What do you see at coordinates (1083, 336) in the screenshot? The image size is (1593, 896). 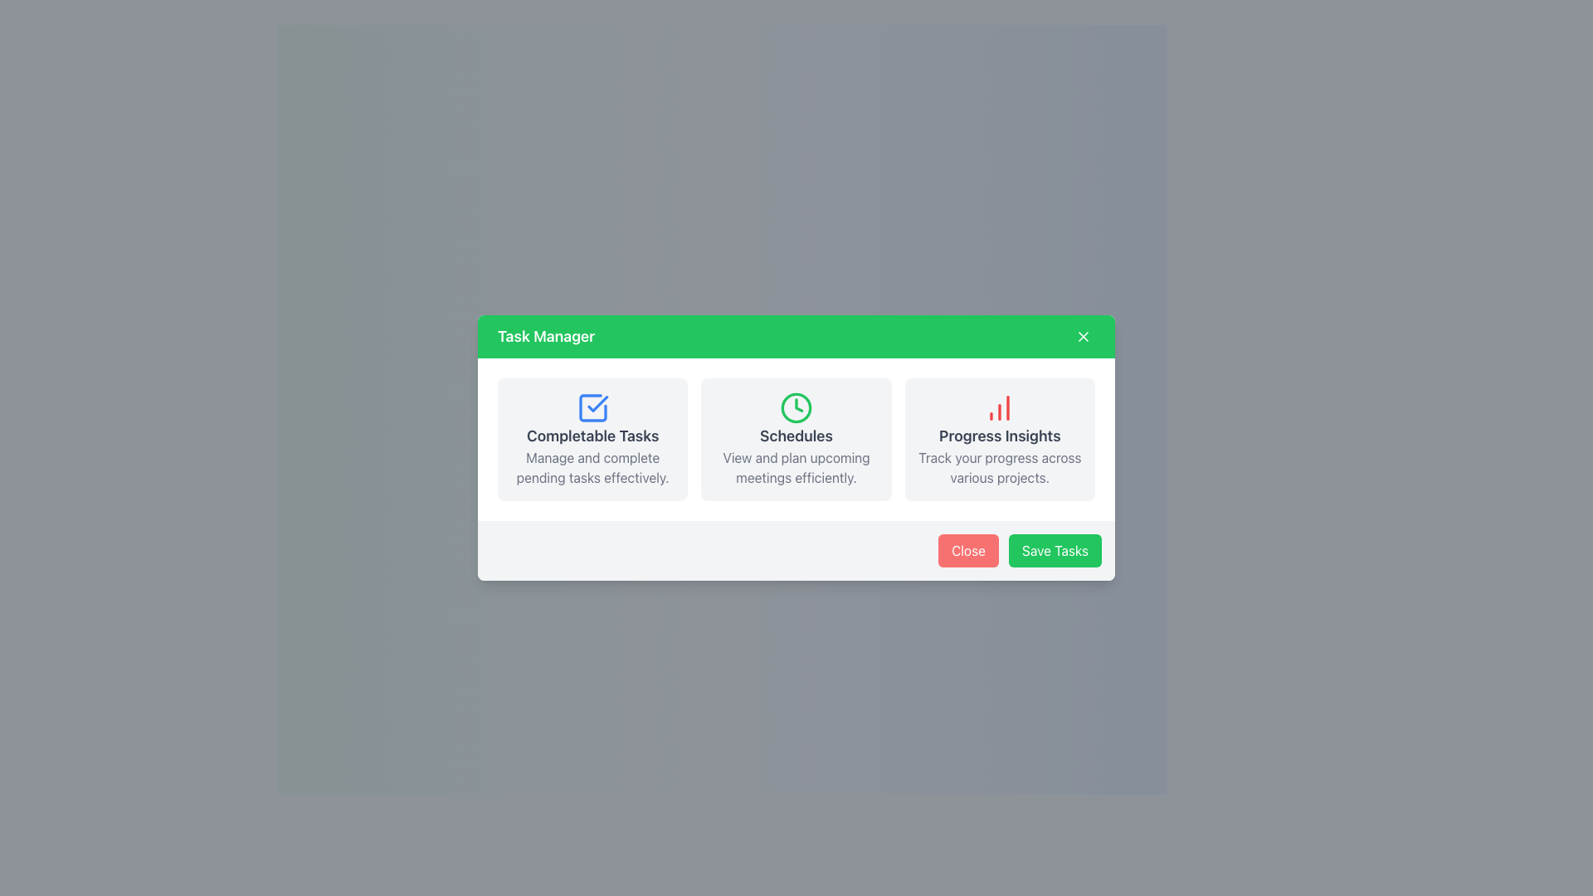 I see `the close button with a green background in the top-right corner of the 'Task Manager' dialog box to potentially reveal a tooltip` at bounding box center [1083, 336].